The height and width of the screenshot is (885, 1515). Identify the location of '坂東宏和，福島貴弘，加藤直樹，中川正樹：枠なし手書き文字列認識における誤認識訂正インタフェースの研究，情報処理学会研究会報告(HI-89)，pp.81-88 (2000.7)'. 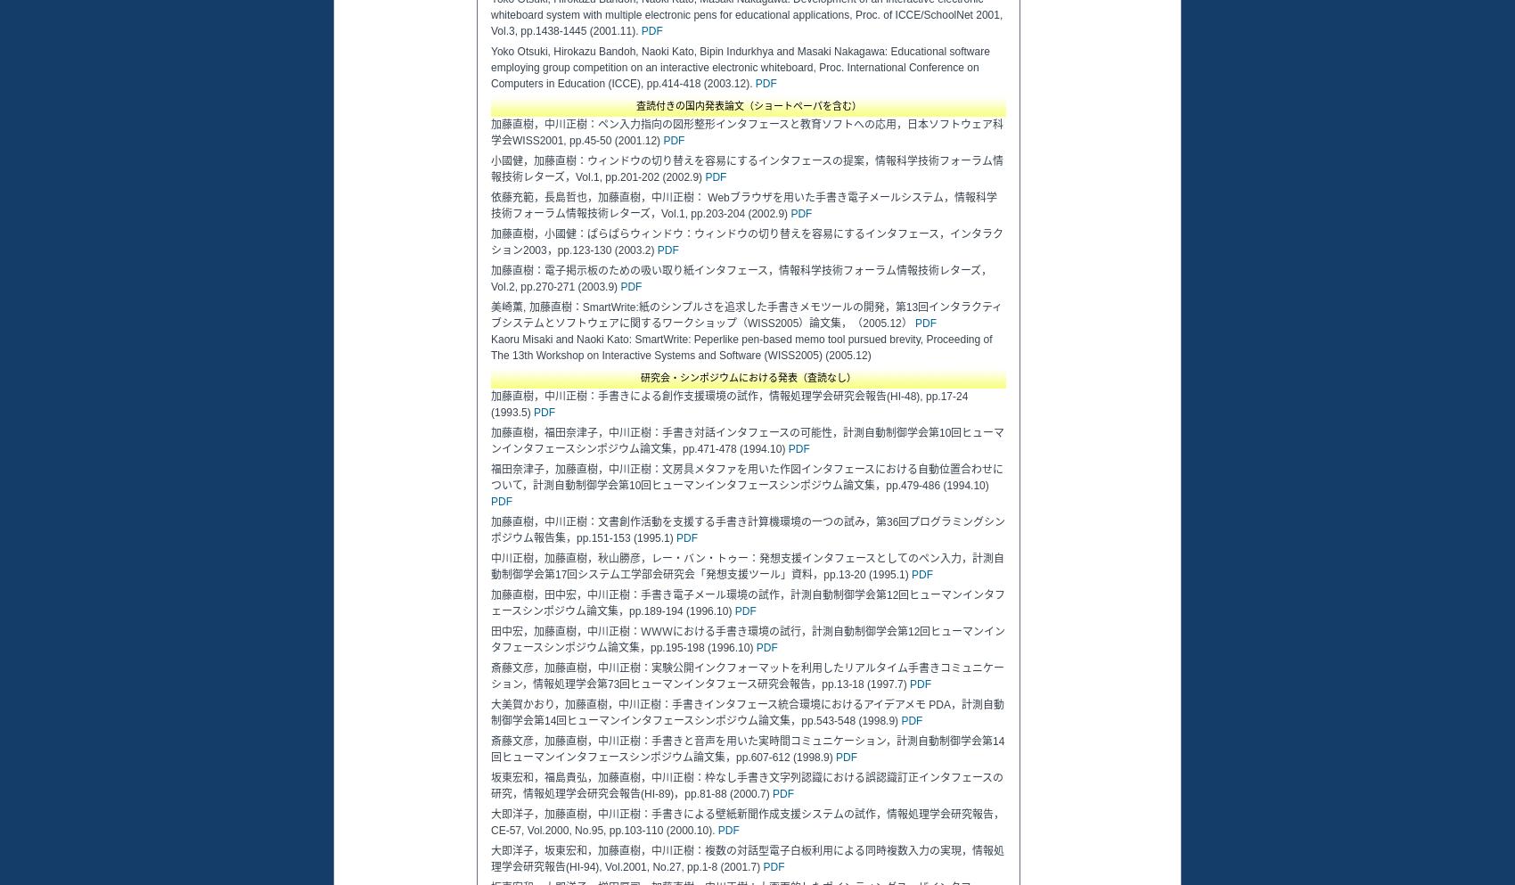
(746, 785).